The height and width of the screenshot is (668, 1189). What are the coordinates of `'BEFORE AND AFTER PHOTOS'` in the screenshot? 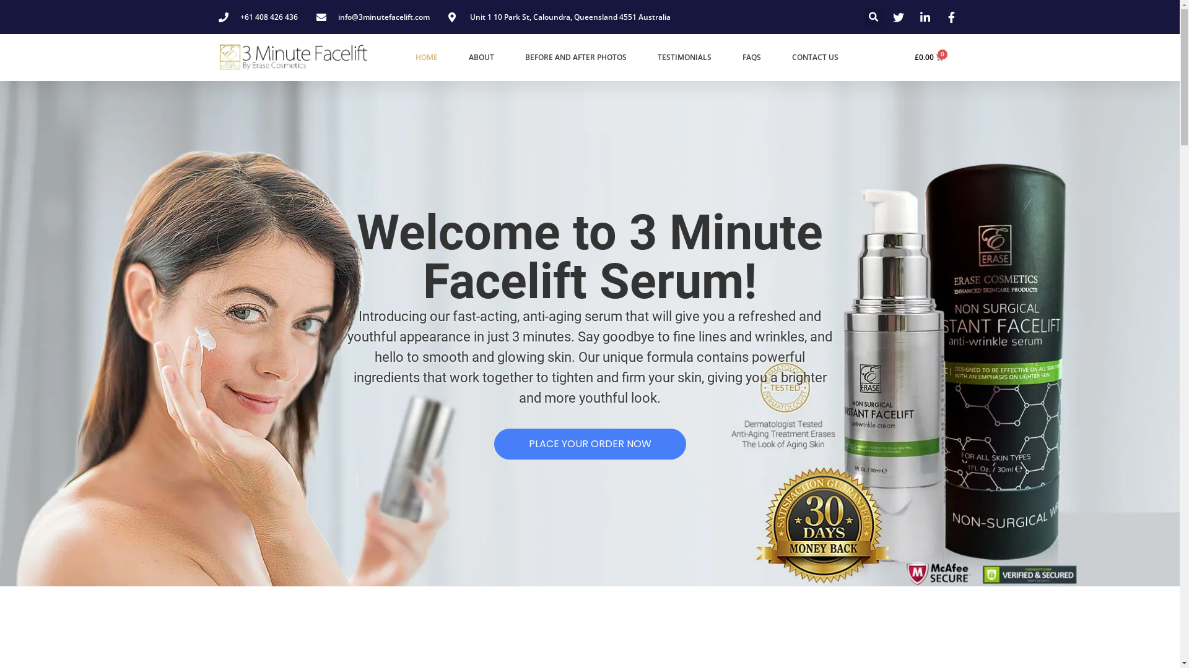 It's located at (575, 57).